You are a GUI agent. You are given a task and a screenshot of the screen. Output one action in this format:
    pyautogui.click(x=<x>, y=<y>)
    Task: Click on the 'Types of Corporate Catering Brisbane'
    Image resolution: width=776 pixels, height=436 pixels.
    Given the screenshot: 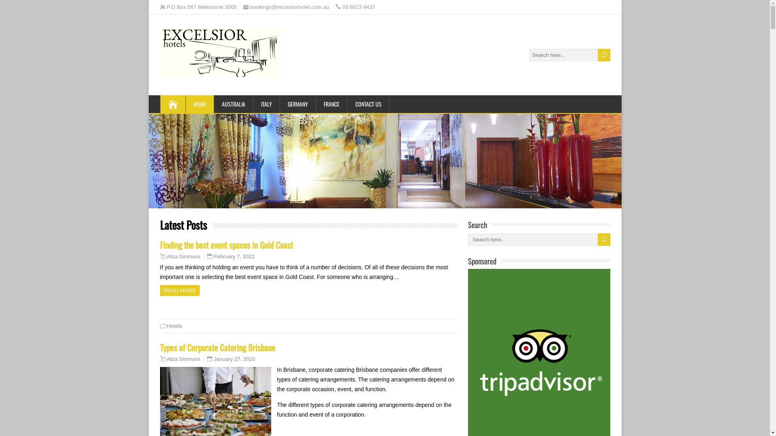 What is the action you would take?
    pyautogui.click(x=160, y=347)
    